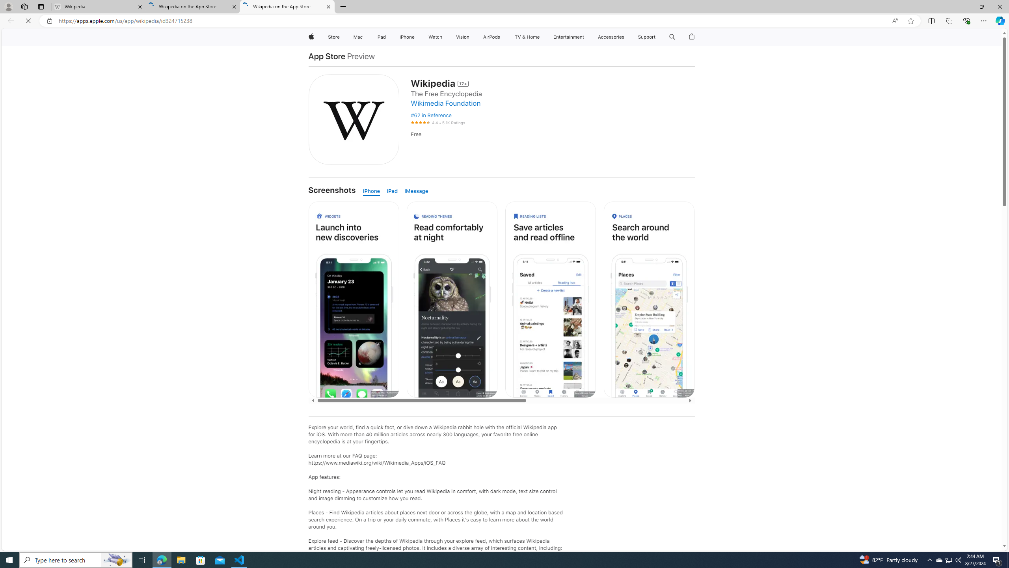 Image resolution: width=1009 pixels, height=568 pixels. Describe the element at coordinates (646, 37) in the screenshot. I see `'Support'` at that location.